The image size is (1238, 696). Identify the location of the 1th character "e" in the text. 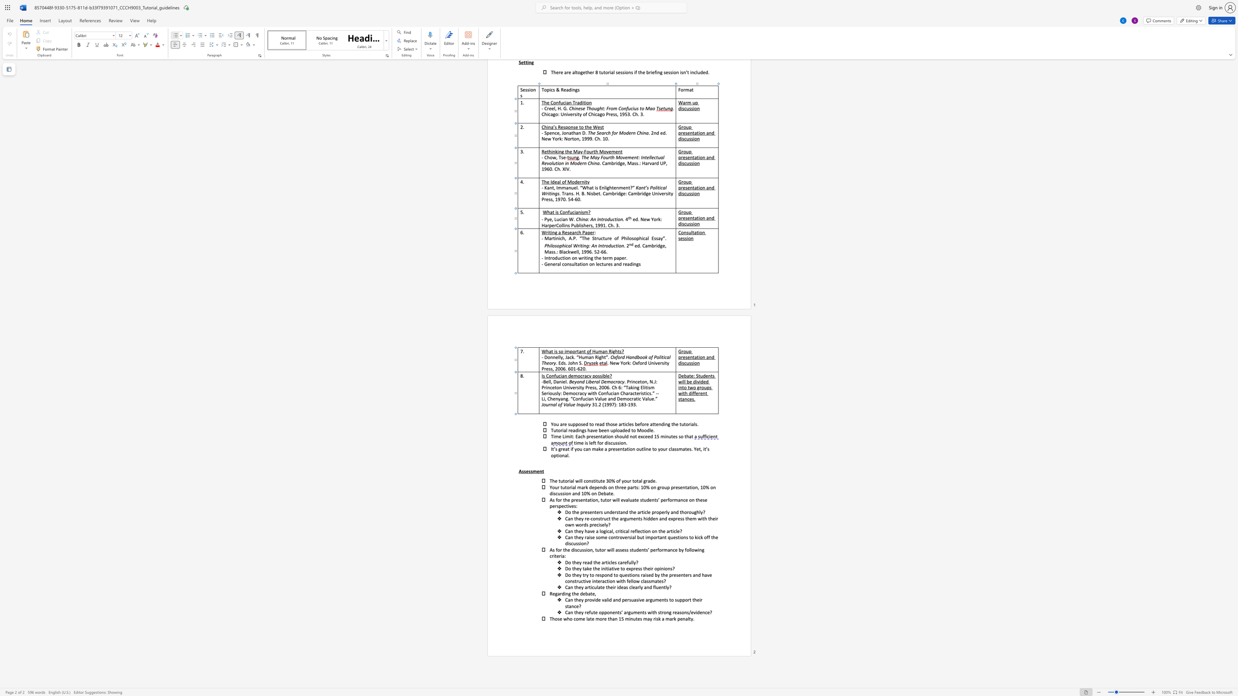
(580, 599).